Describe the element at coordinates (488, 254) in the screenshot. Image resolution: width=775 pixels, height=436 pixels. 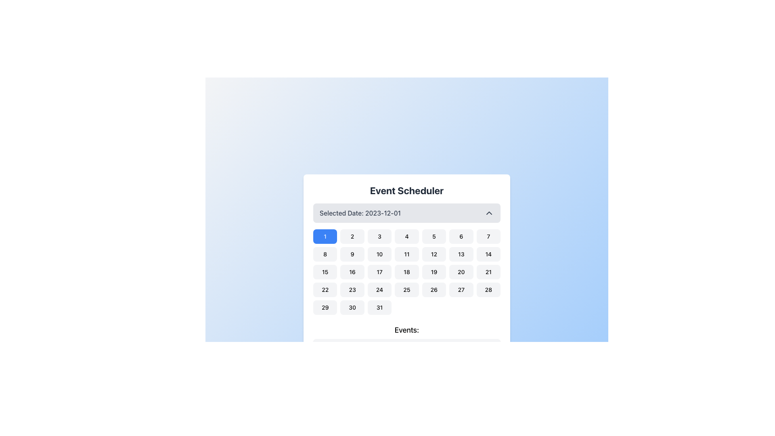
I see `the button representing the 14th day of the month in the calendar to trigger visual feedback` at that location.